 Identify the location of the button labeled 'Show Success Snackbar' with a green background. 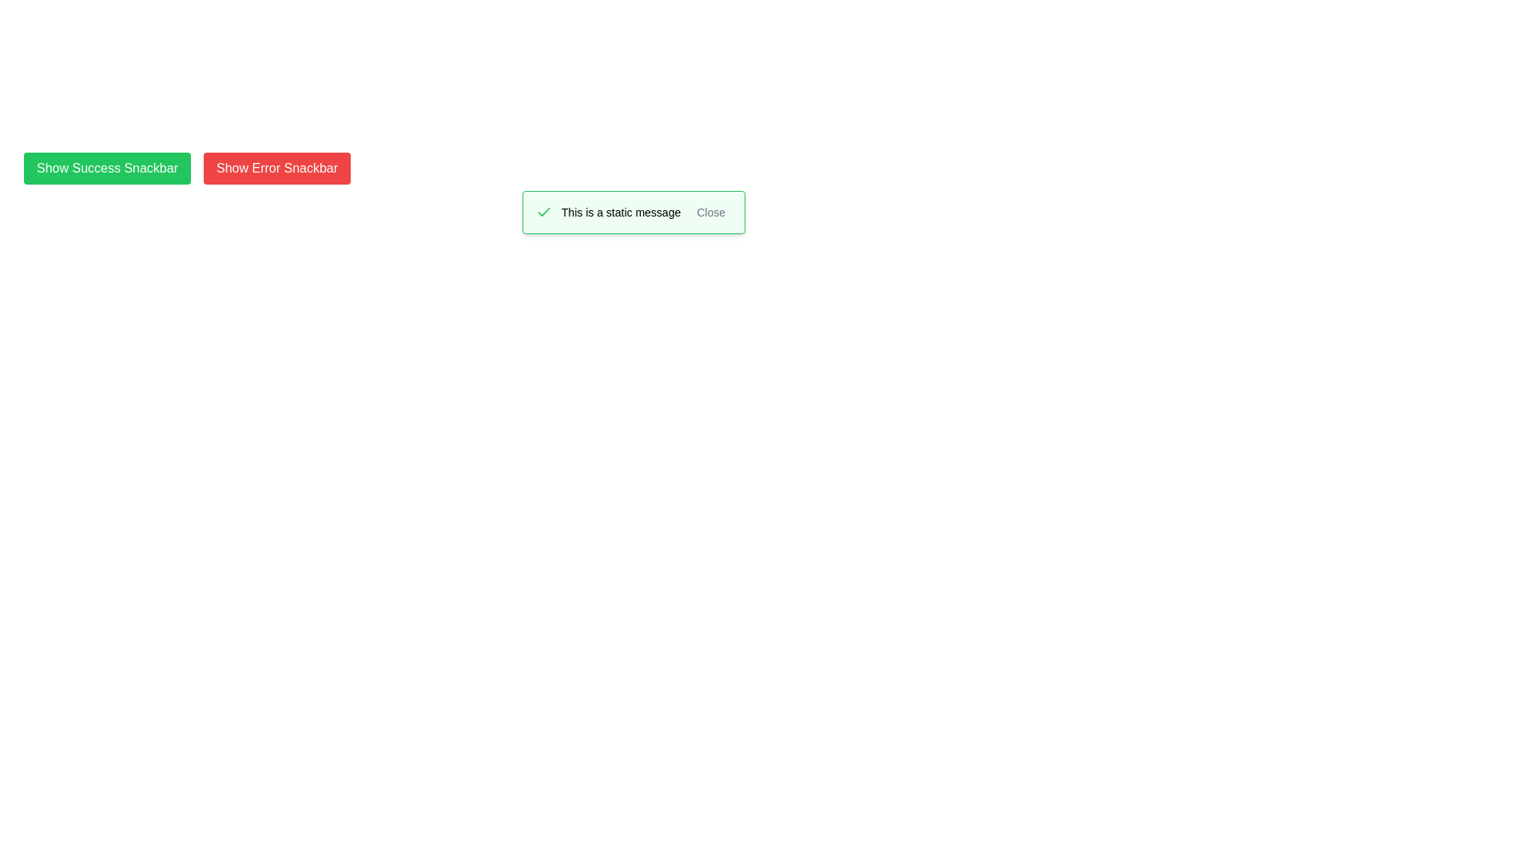
(106, 169).